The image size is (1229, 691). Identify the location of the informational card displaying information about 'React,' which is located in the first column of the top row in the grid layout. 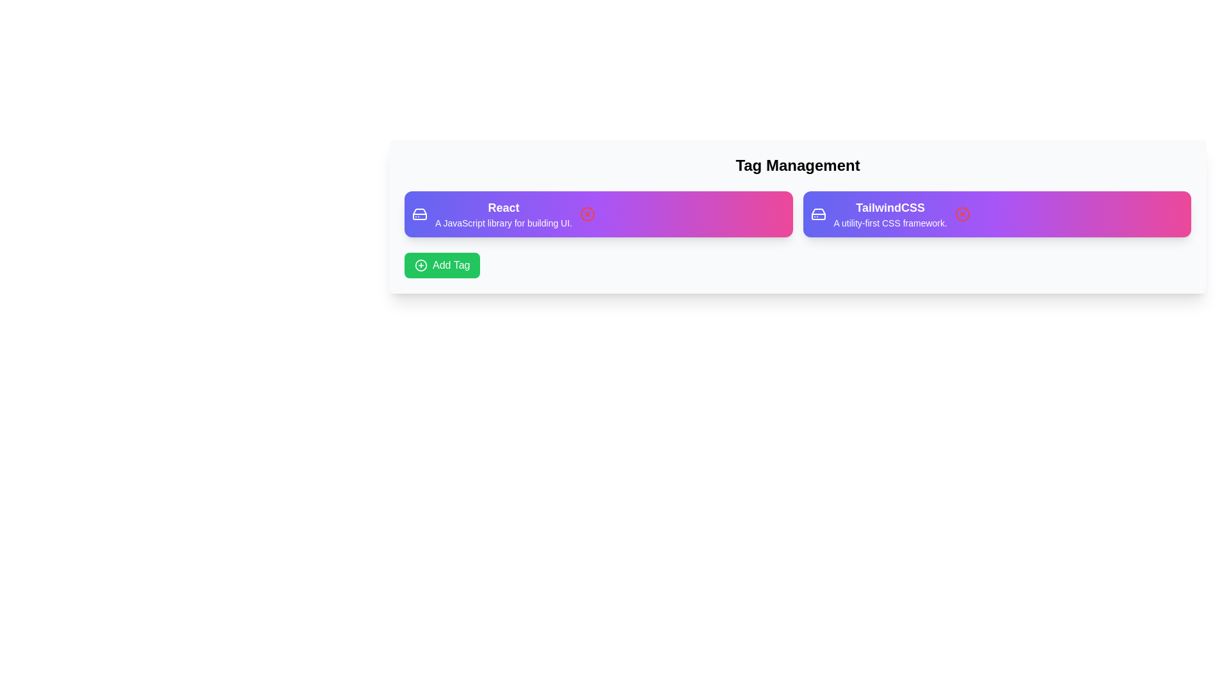
(598, 214).